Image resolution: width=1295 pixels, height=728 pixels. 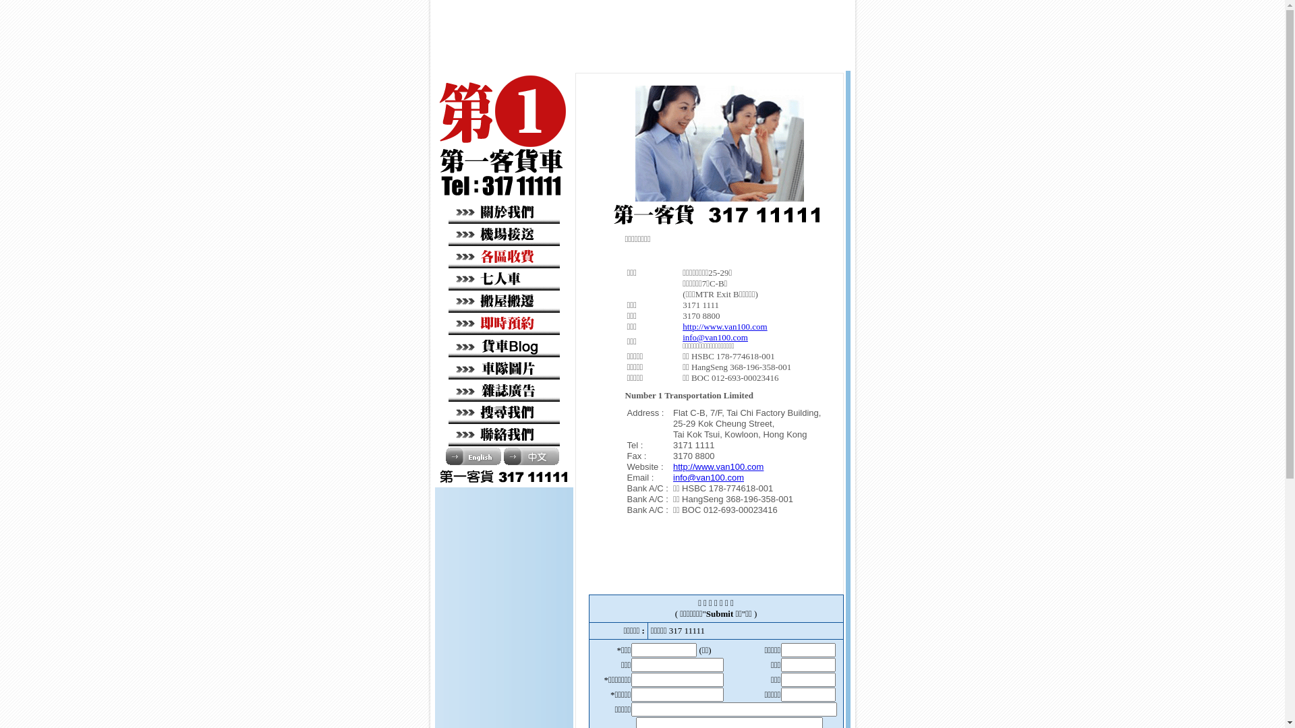 What do you see at coordinates (683, 326) in the screenshot?
I see `'http://www.van100.com'` at bounding box center [683, 326].